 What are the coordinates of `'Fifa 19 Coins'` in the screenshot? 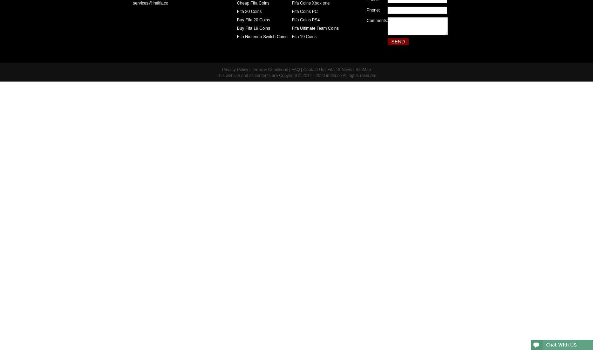 It's located at (304, 36).